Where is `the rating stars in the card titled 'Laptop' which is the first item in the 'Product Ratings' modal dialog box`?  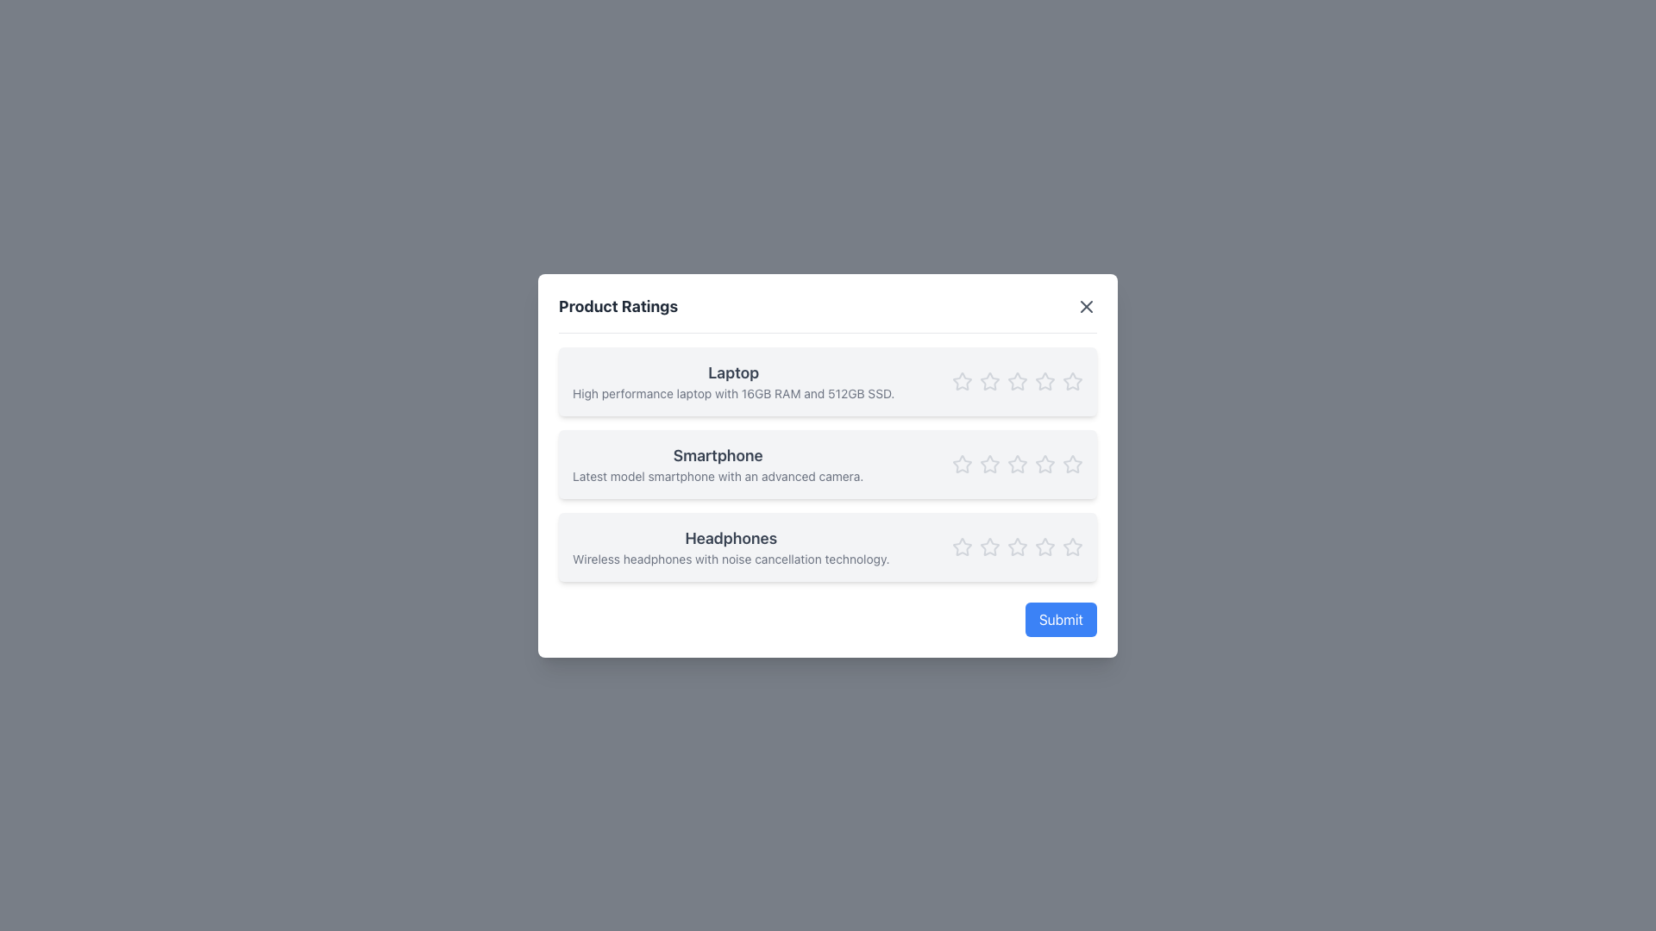
the rating stars in the card titled 'Laptop' which is the first item in the 'Product Ratings' modal dialog box is located at coordinates (828, 380).